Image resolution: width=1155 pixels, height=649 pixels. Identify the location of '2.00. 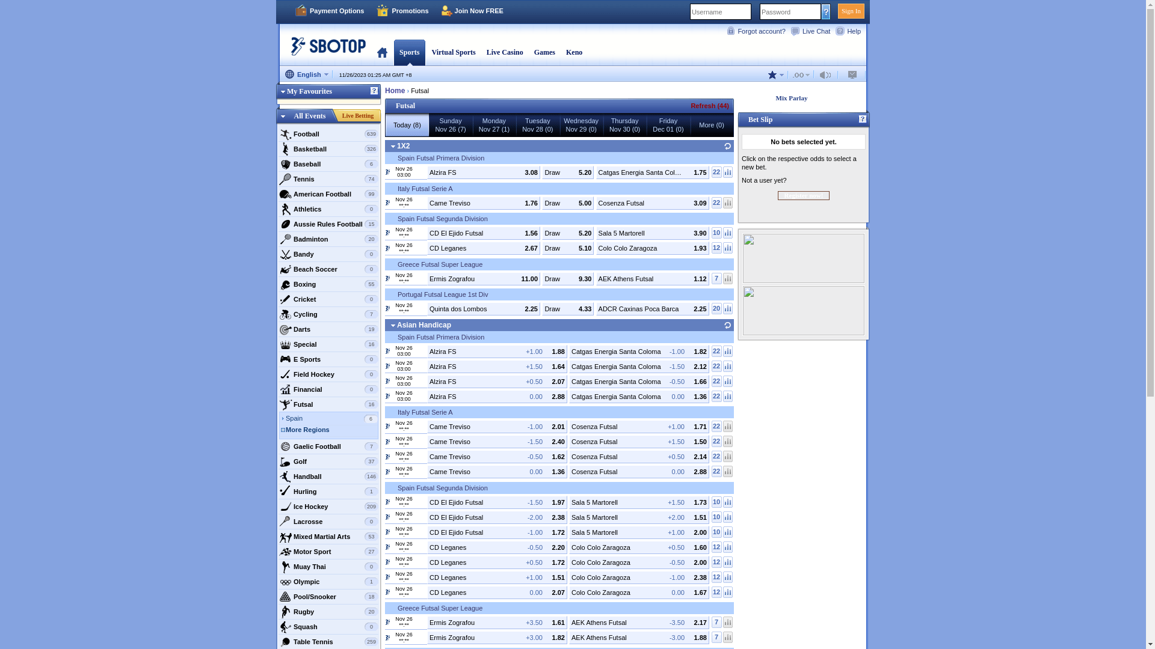
(638, 531).